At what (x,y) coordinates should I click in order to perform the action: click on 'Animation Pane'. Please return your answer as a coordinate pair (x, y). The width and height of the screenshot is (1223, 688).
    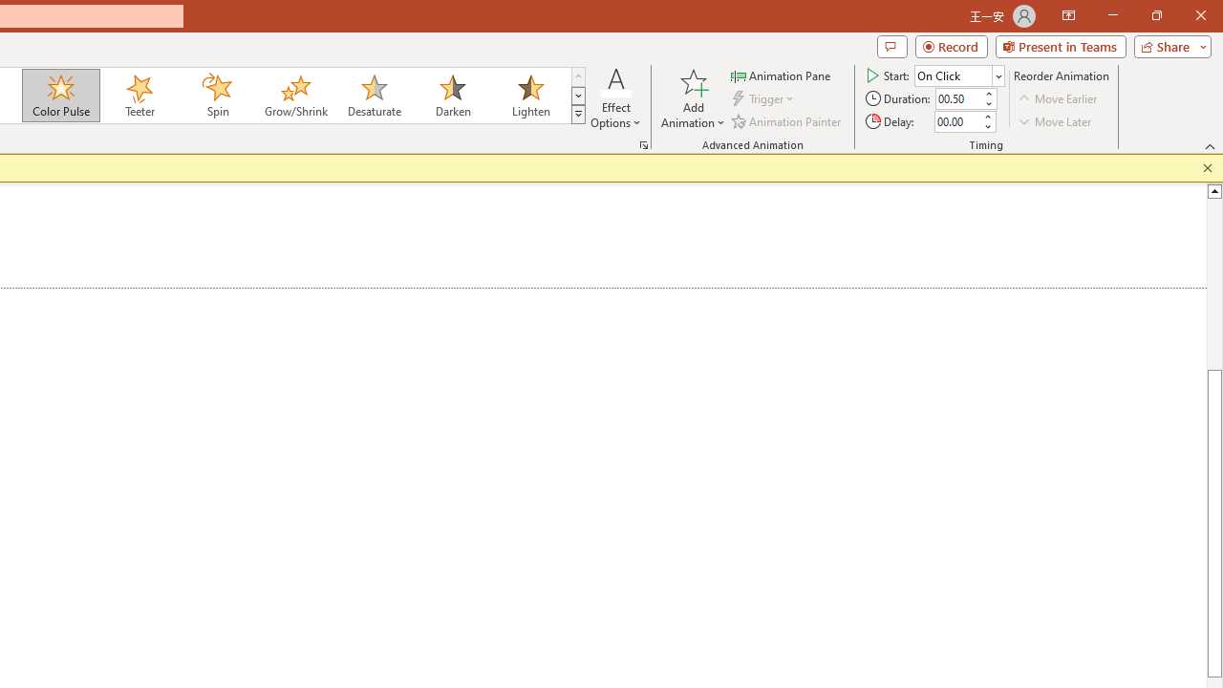
    Looking at the image, I should click on (782, 75).